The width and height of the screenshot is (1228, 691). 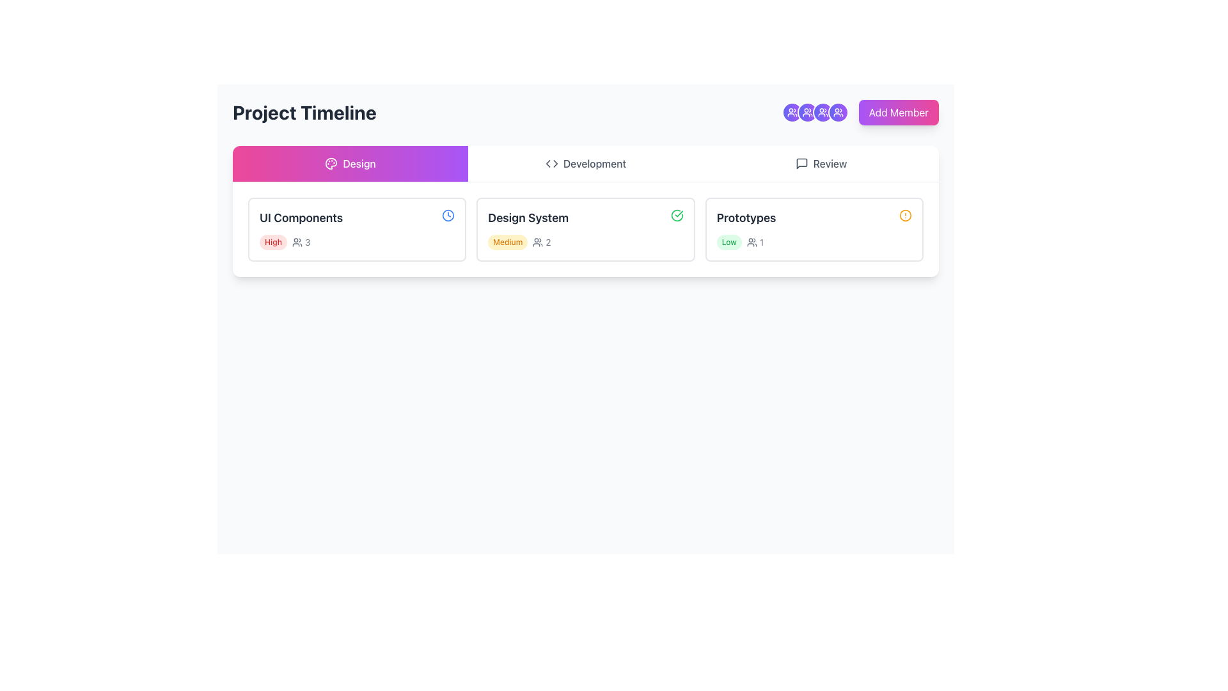 I want to click on the status indicator labeled 'Medium' in the card titled 'Design System' for filtering, so click(x=585, y=228).